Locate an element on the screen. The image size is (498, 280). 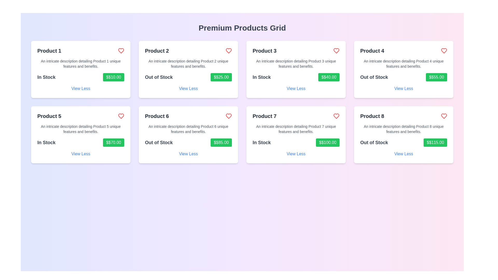
the bold text labeled 'Product 8' located in the bottom-right card of the grid layout, positioned at the top-left corner of the card is located at coordinates (372, 116).